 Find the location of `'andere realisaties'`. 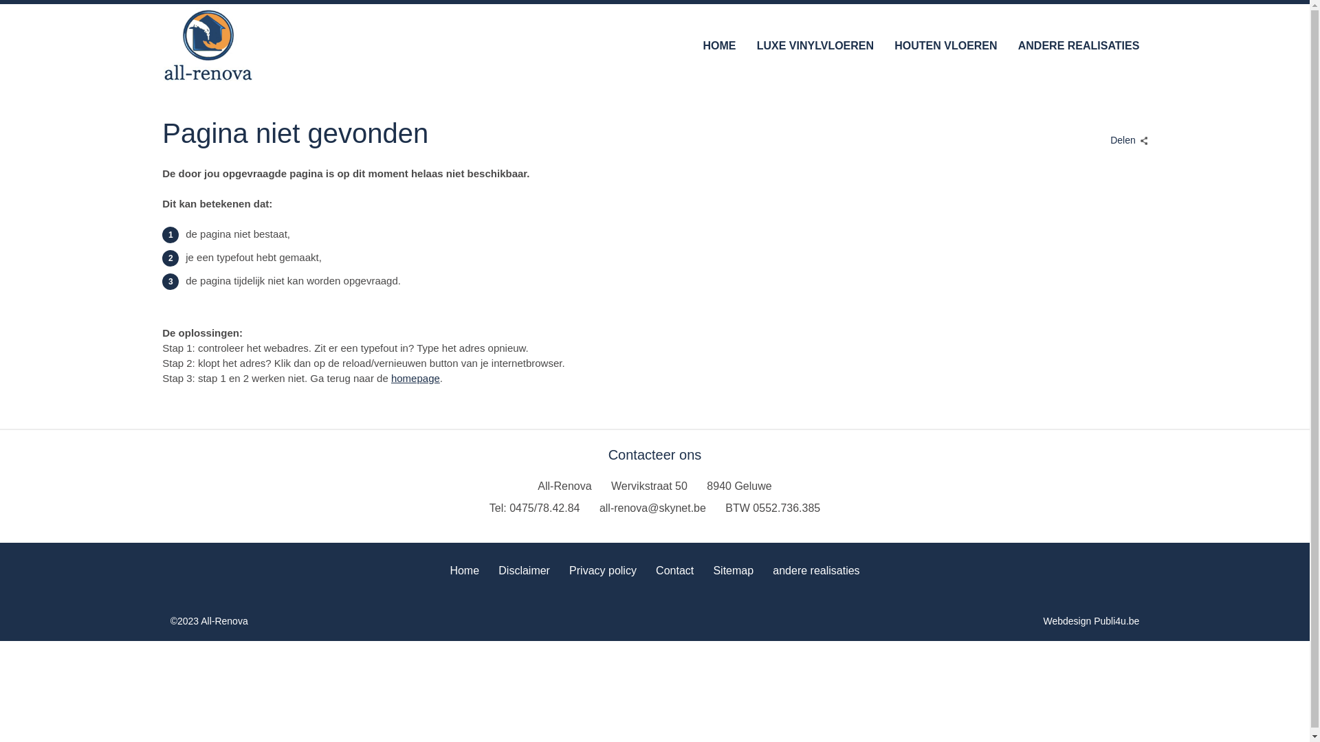

'andere realisaties' is located at coordinates (815, 568).